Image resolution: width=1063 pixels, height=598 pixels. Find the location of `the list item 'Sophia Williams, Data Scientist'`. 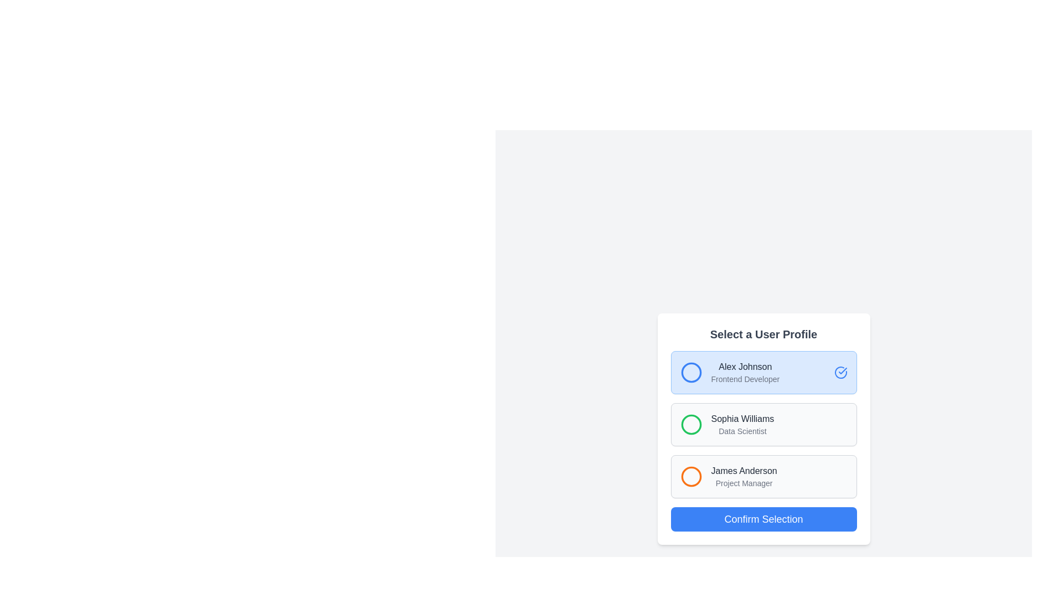

the list item 'Sophia Williams, Data Scientist' is located at coordinates (742, 424).